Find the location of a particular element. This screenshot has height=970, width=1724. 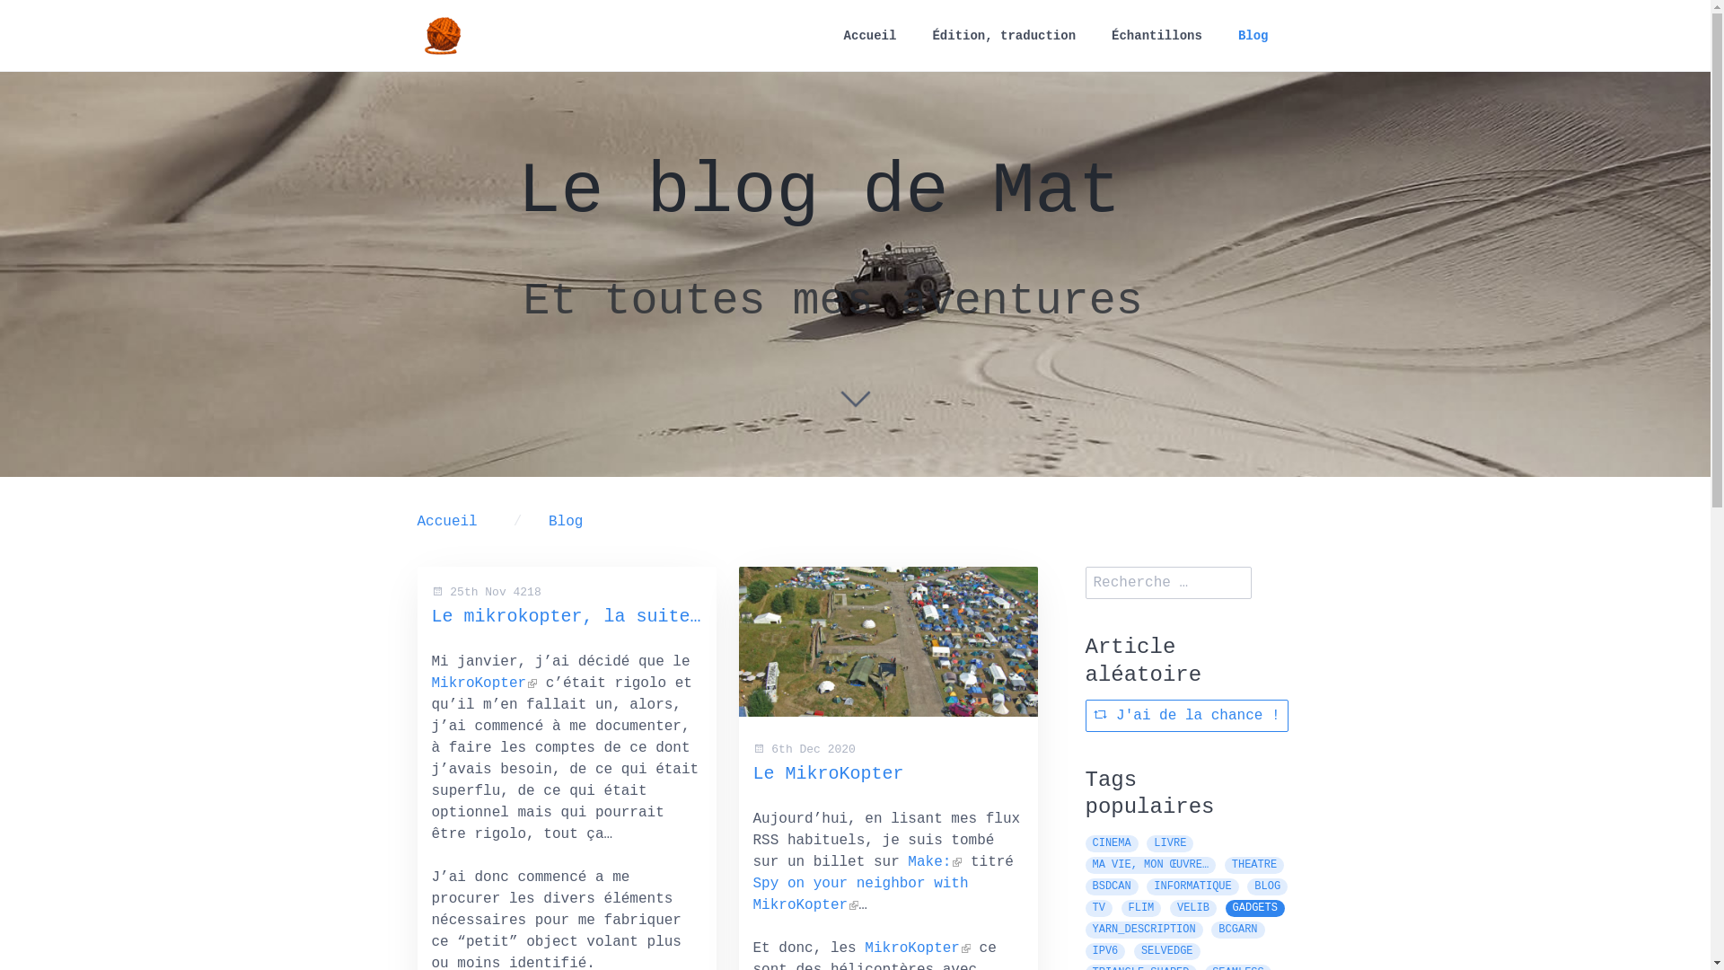

'Spy on your neighbor with MikroKopter' is located at coordinates (859, 894).